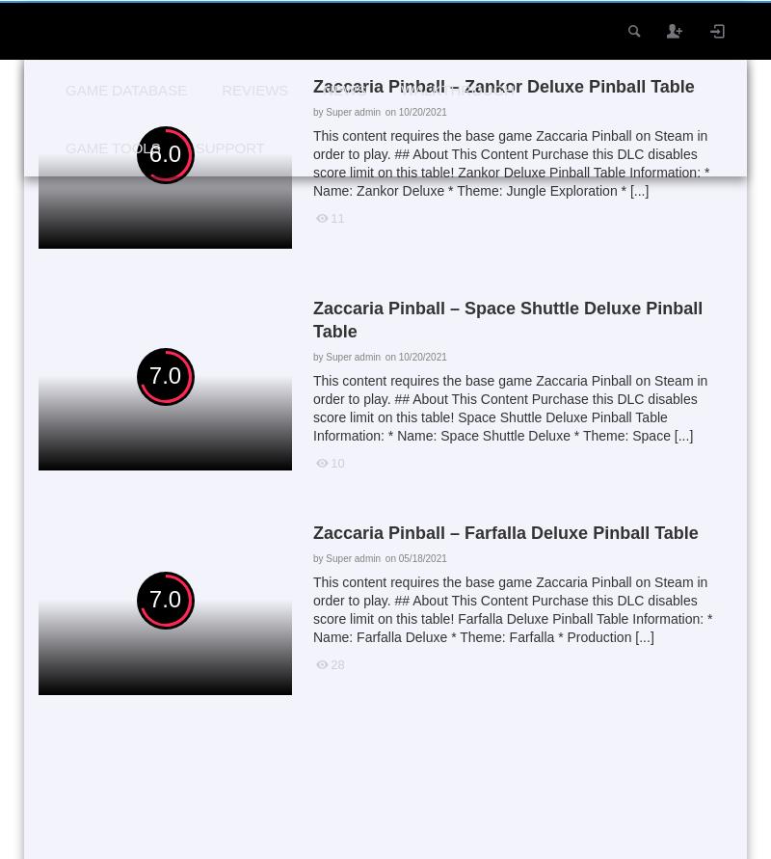 This screenshot has height=859, width=771. What do you see at coordinates (504, 531) in the screenshot?
I see `'Zaccaria Pinball – Farfalla Deluxe Pinball Table'` at bounding box center [504, 531].